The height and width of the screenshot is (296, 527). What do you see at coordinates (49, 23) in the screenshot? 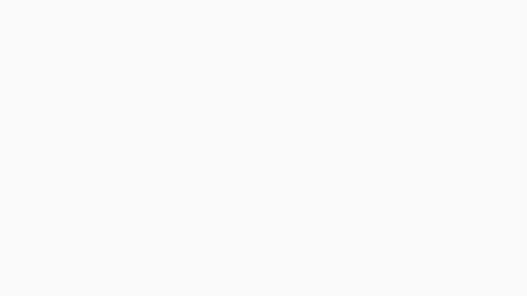
I see `Instagram Features` at bounding box center [49, 23].